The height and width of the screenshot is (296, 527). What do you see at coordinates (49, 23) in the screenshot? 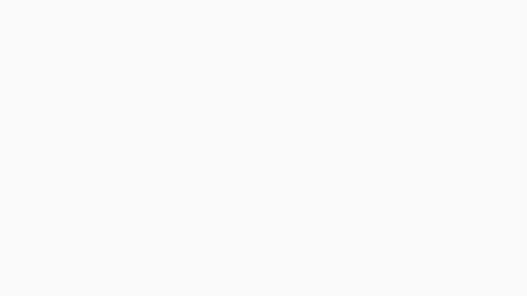
I see `Instagram Features` at bounding box center [49, 23].